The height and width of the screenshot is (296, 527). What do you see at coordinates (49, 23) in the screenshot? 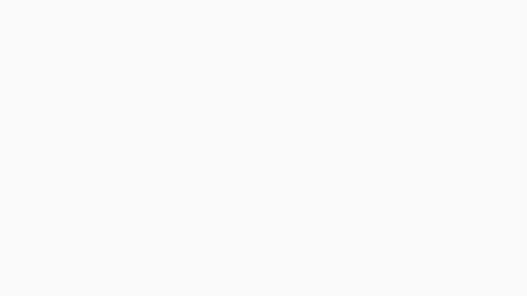
I see `Instagram Features` at bounding box center [49, 23].